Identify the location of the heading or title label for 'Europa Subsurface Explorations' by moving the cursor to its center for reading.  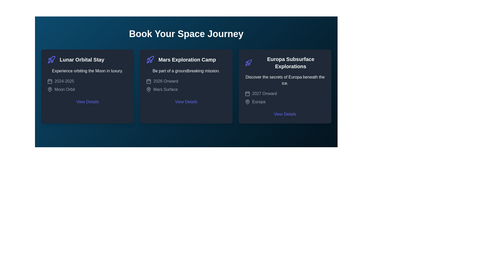
(285, 62).